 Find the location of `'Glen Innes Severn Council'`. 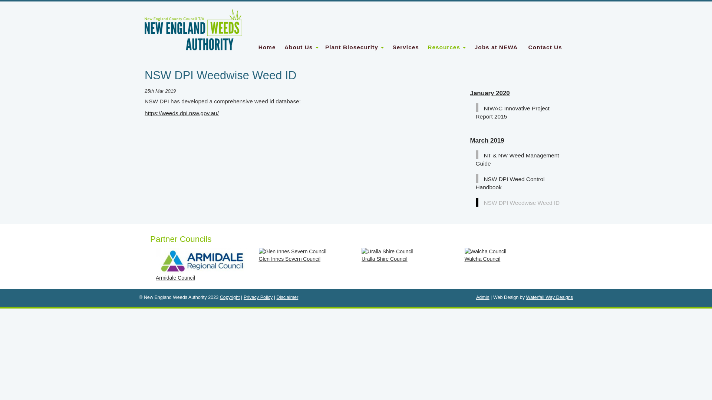

'Glen Innes Severn Council' is located at coordinates (258, 255).